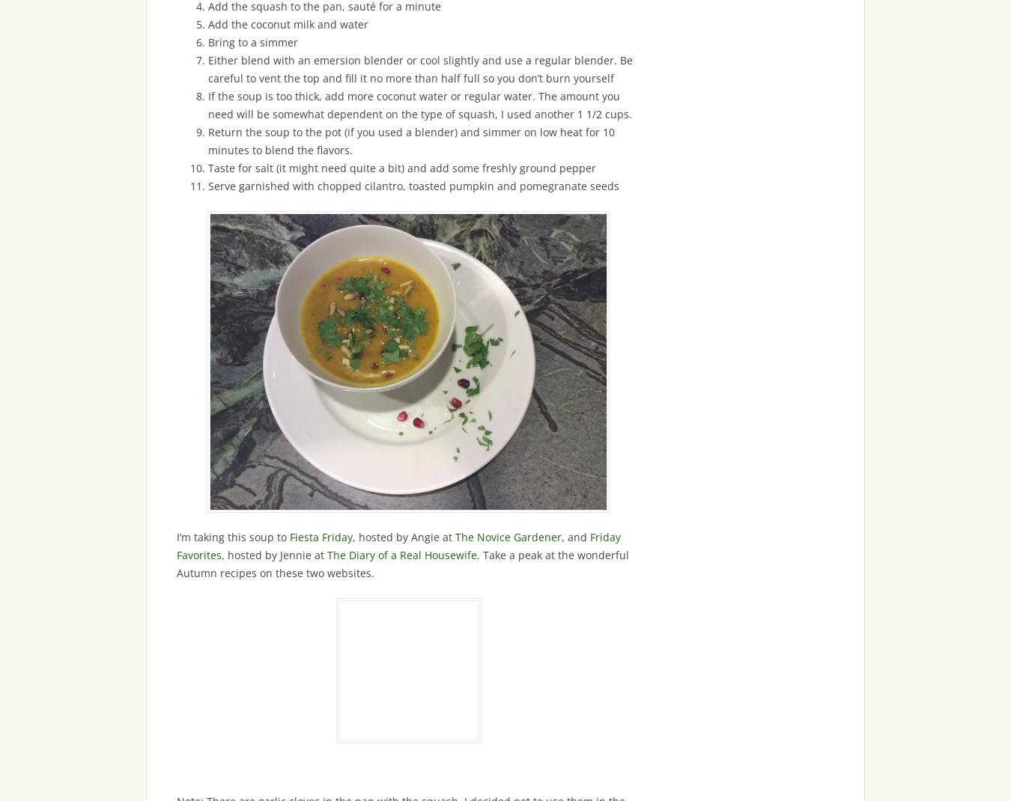 This screenshot has width=1011, height=801. I want to click on 'Bring to a simmer', so click(207, 41).